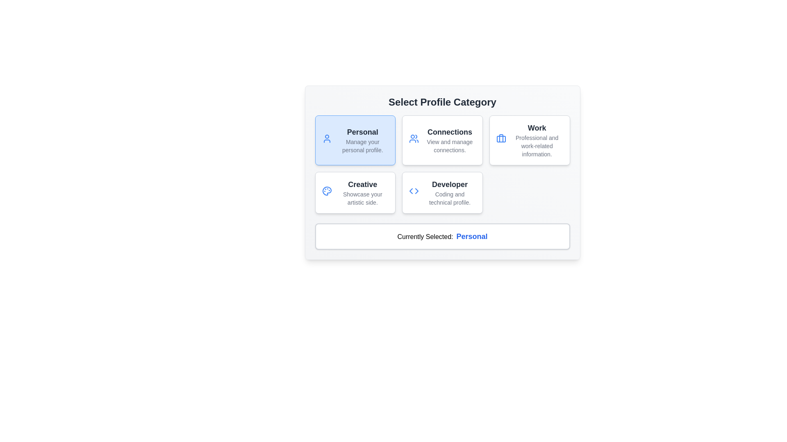 This screenshot has height=442, width=787. Describe the element at coordinates (362, 132) in the screenshot. I see `the 'Personal' label, which is a bold text header located at the top-left corner of the card layout in the 'Select Profile Category' section` at that location.